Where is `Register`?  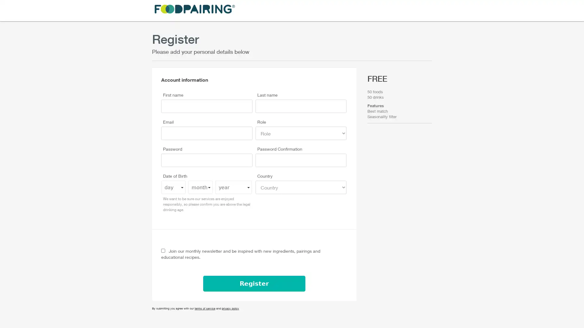 Register is located at coordinates (254, 283).